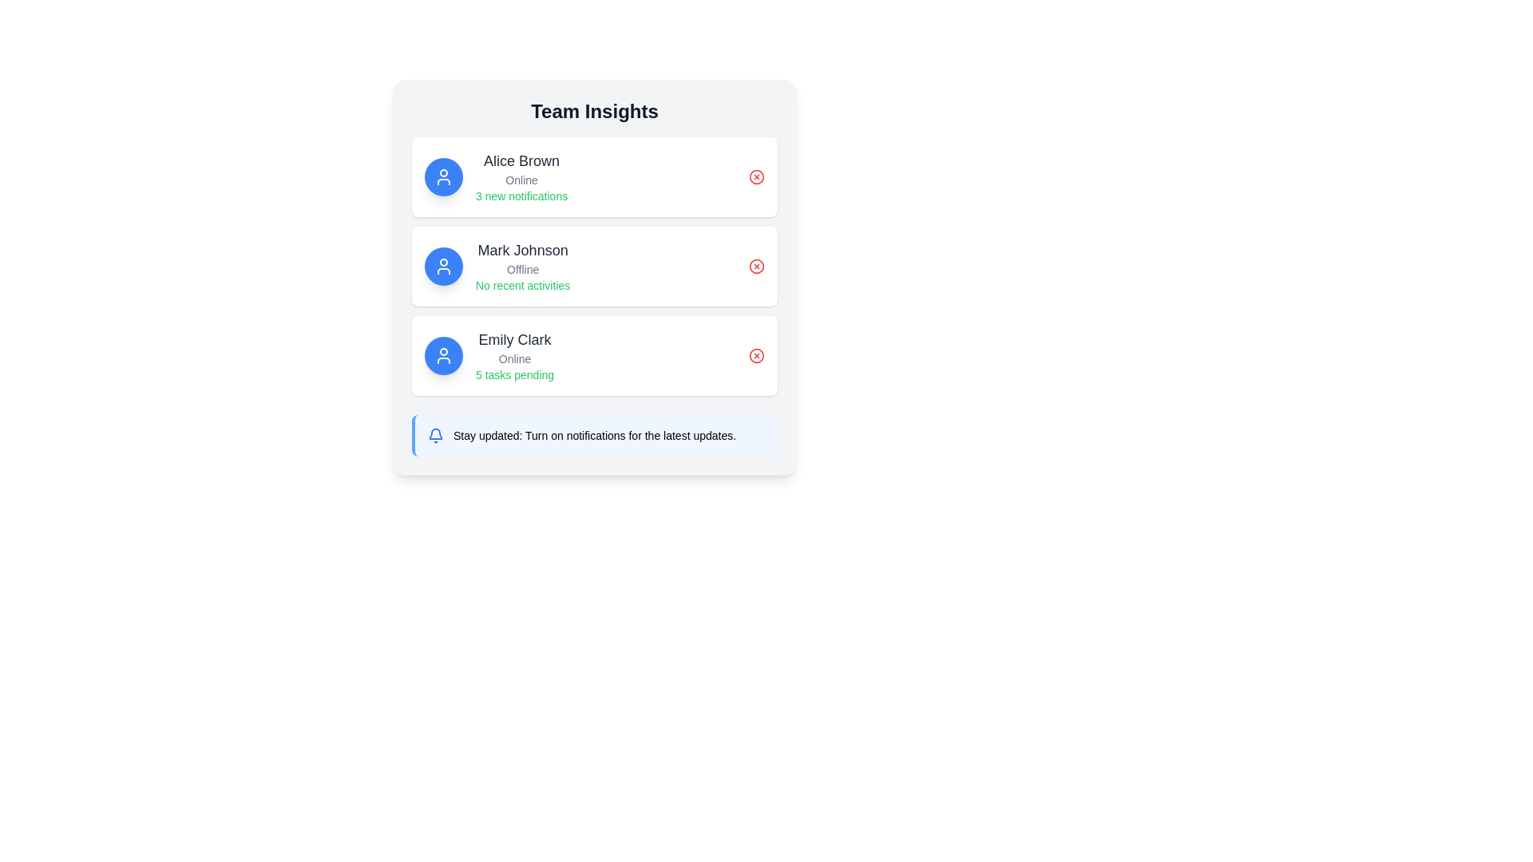  Describe the element at coordinates (522, 250) in the screenshot. I see `the text element displaying the name 'Mark Johnson', which is located` at that location.